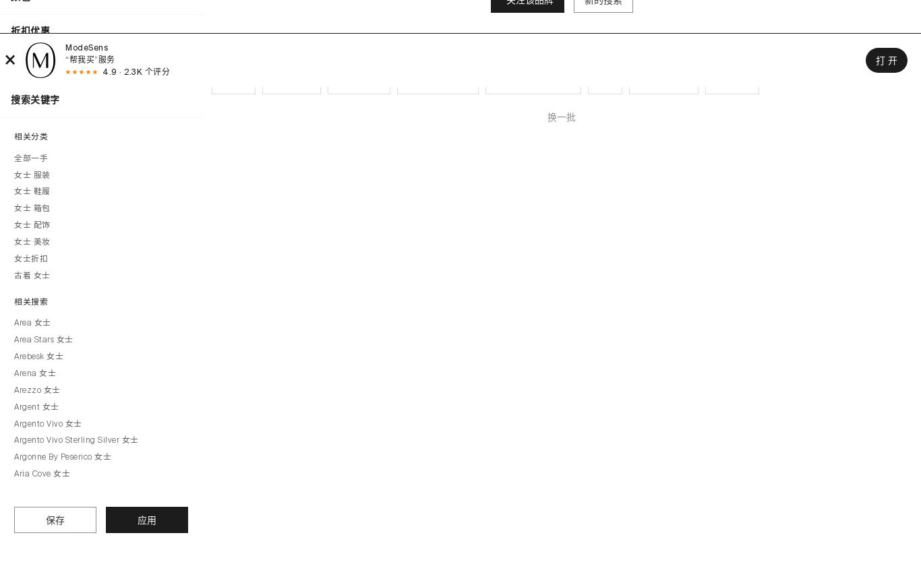 This screenshot has height=587, width=921. Describe the element at coordinates (663, 80) in the screenshot. I see `'BALENCIAGA'` at that location.